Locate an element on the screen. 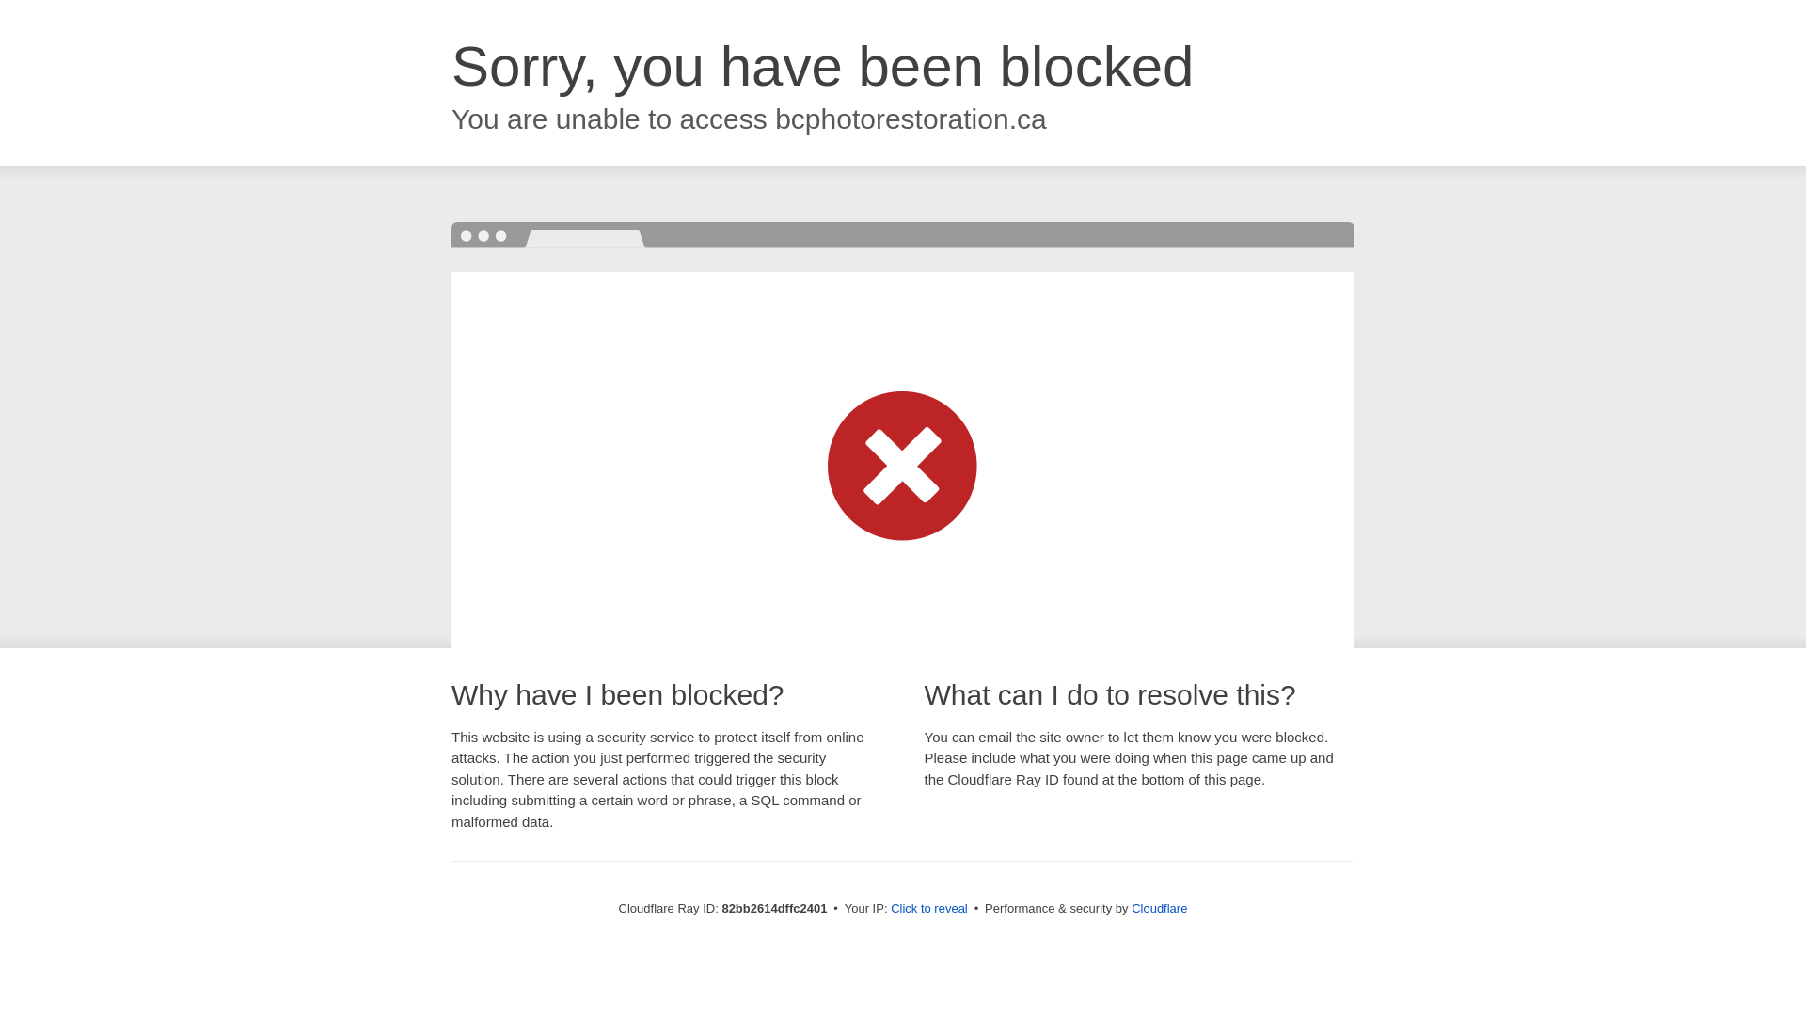 The width and height of the screenshot is (1806, 1016). 'Click to reveal' is located at coordinates (889, 907).